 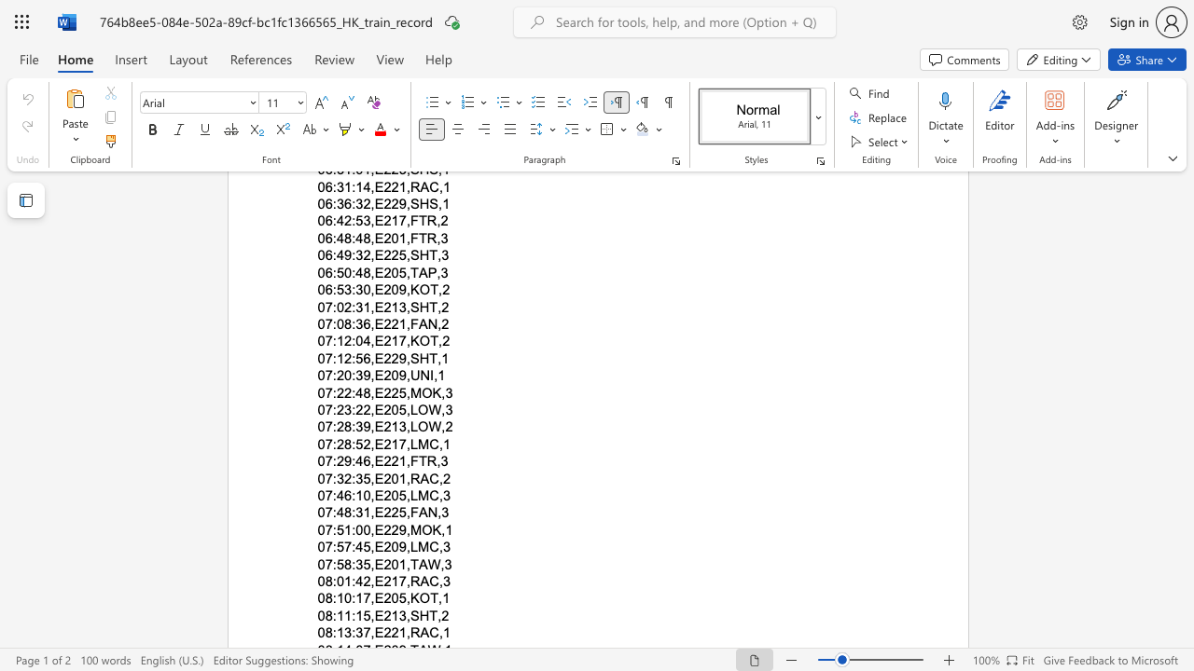 What do you see at coordinates (418, 444) in the screenshot?
I see `the space between the continuous character "L" and "M" in the text` at bounding box center [418, 444].